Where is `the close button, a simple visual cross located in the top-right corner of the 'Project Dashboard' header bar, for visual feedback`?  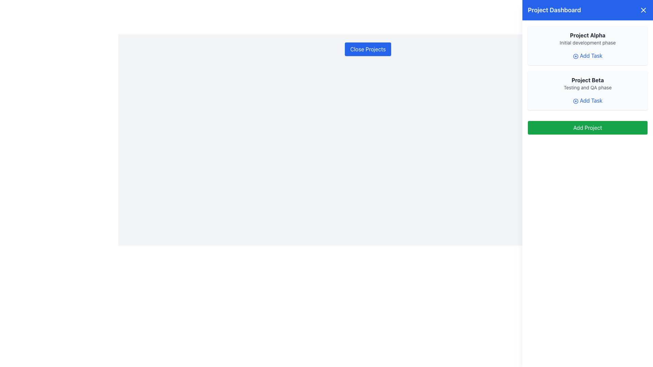 the close button, a simple visual cross located in the top-right corner of the 'Project Dashboard' header bar, for visual feedback is located at coordinates (643, 10).